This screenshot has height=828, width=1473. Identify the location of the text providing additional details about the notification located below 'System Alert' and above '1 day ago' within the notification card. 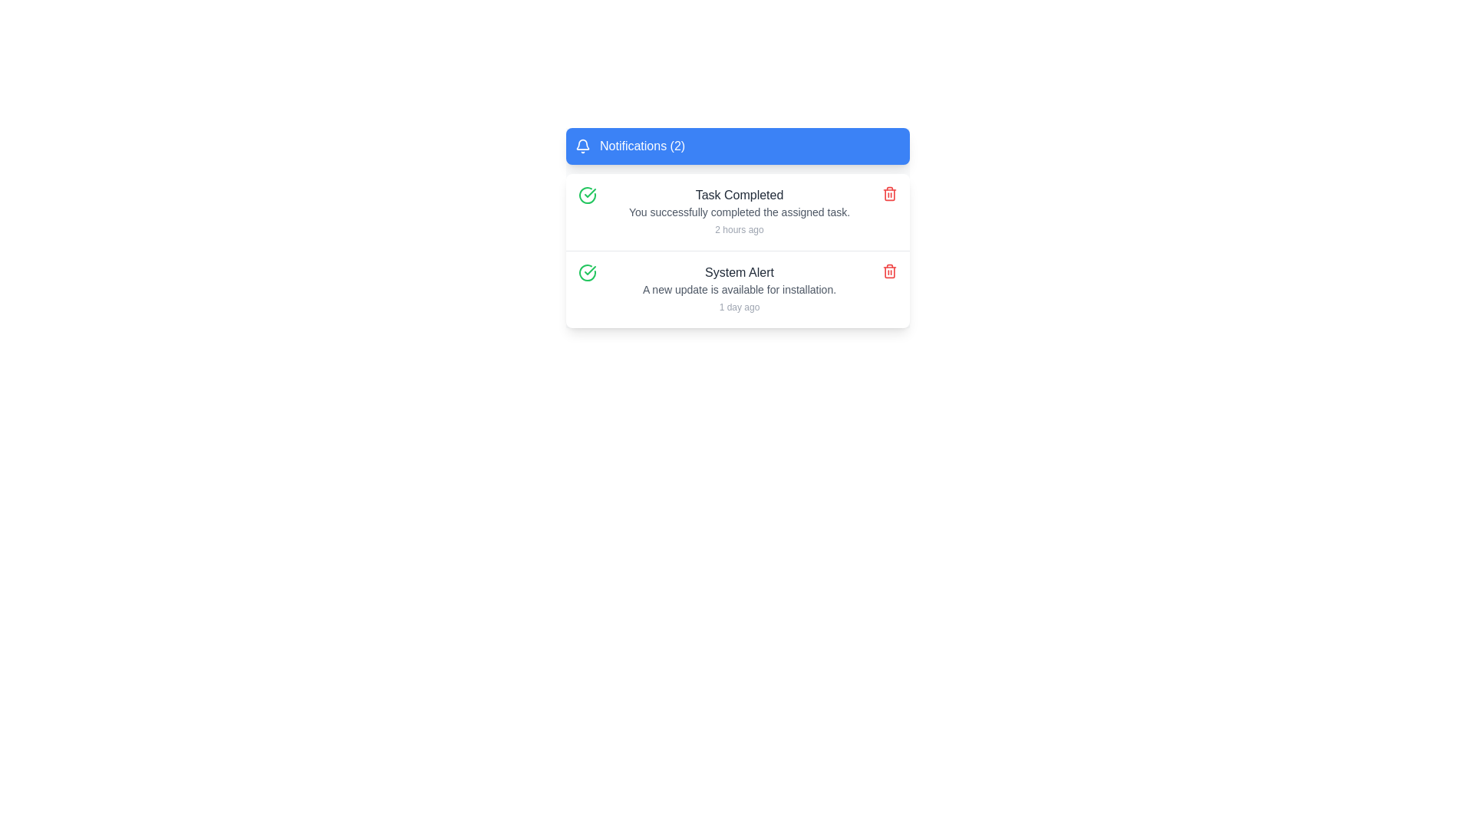
(740, 290).